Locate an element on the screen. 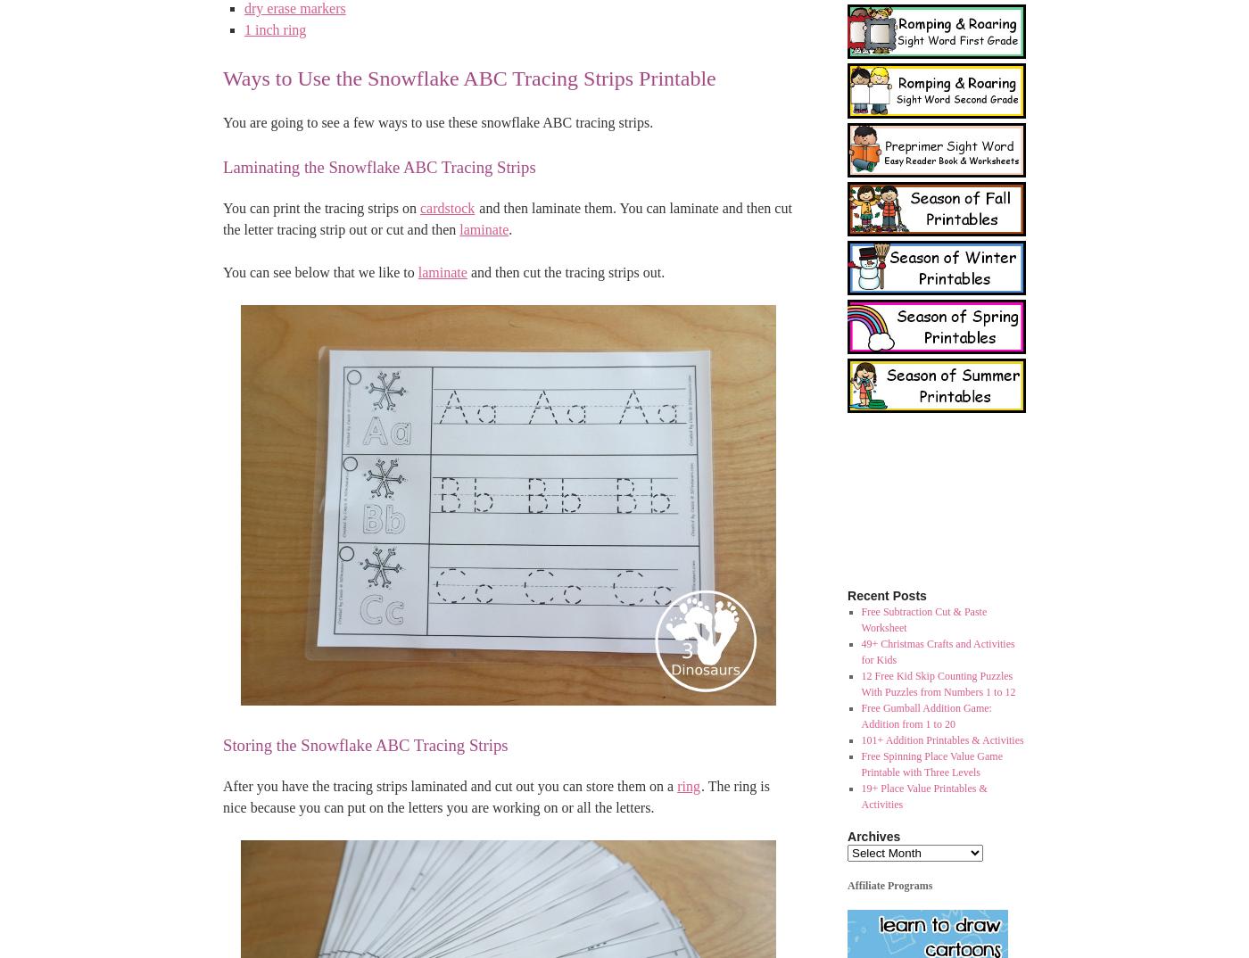  '1 inch ring' is located at coordinates (275, 29).